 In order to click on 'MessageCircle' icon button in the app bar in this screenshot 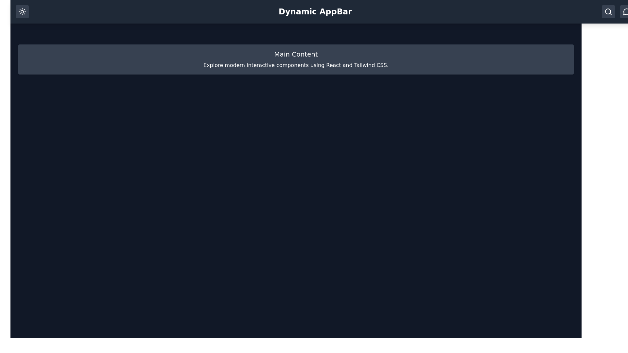, I will do `click(626, 11)`.